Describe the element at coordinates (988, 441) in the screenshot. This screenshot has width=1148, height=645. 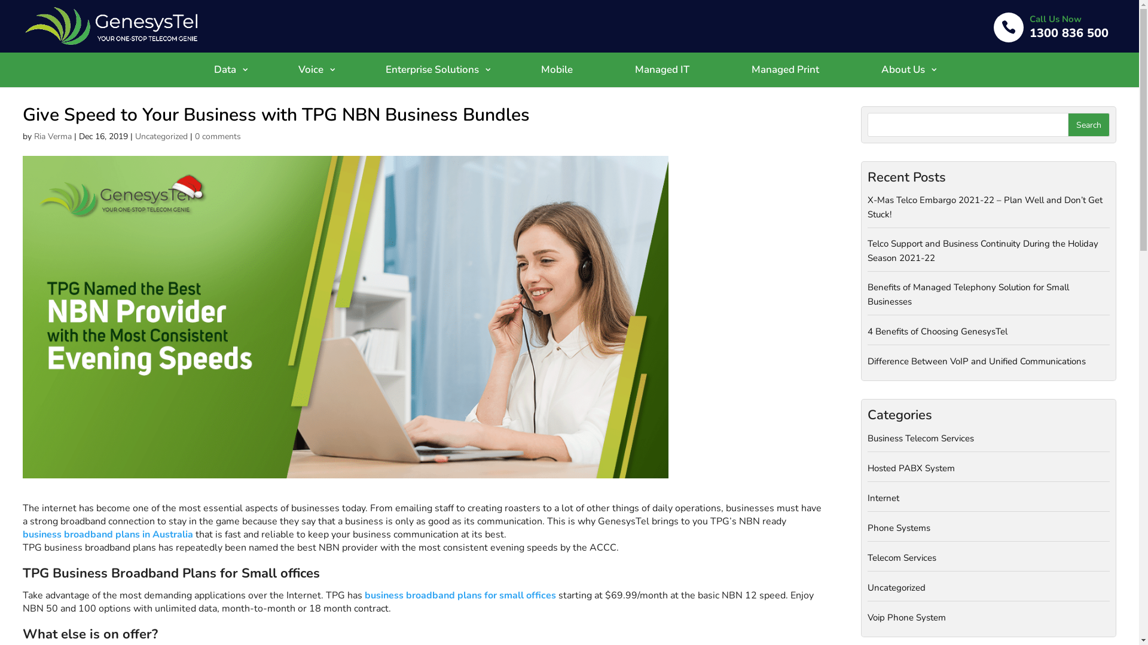
I see `'Business Telecom Services'` at that location.